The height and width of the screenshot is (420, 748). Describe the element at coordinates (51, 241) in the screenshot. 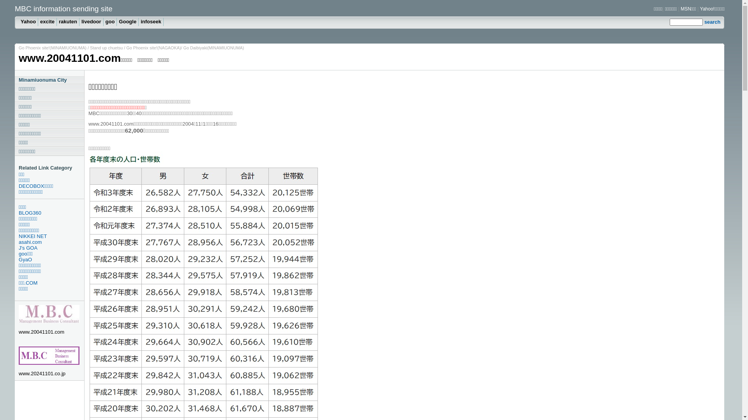

I see `'asahi.com'` at that location.